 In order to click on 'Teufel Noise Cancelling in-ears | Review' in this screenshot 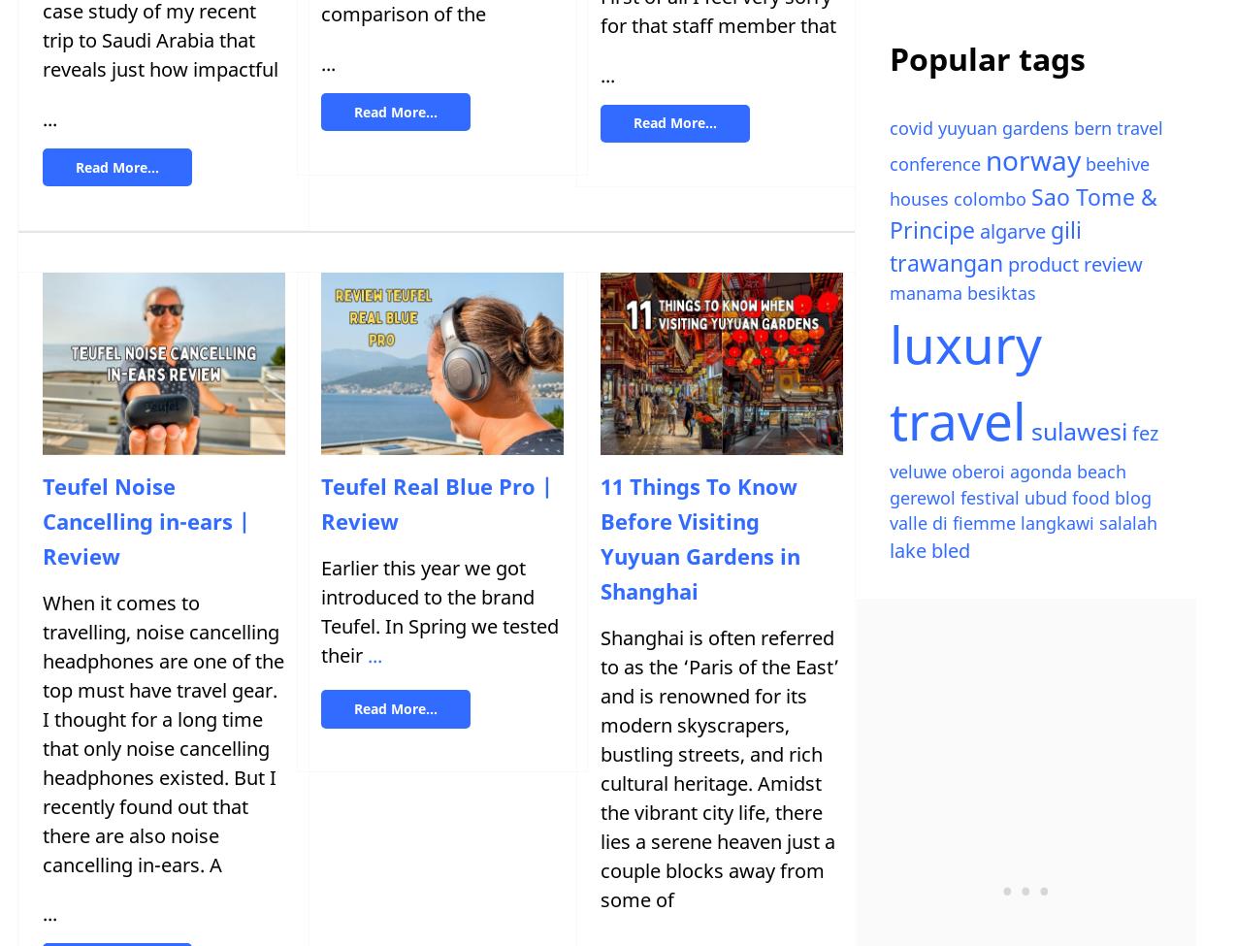, I will do `click(145, 519)`.